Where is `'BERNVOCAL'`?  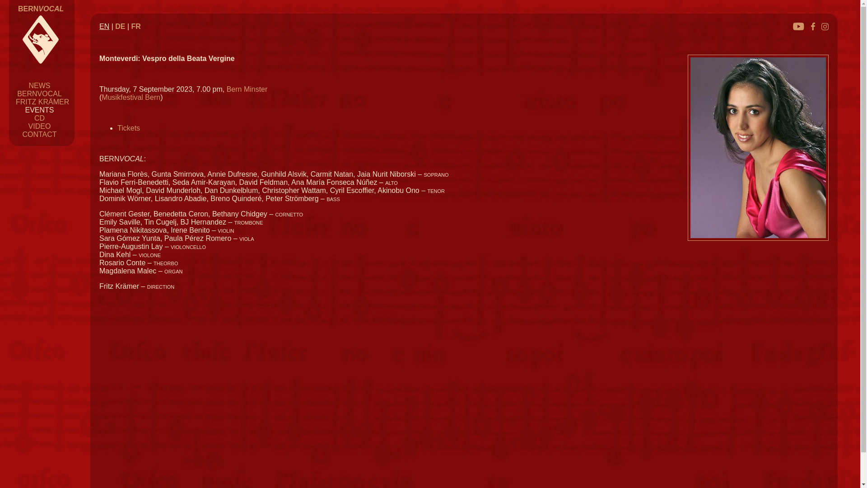 'BERNVOCAL' is located at coordinates (40, 9).